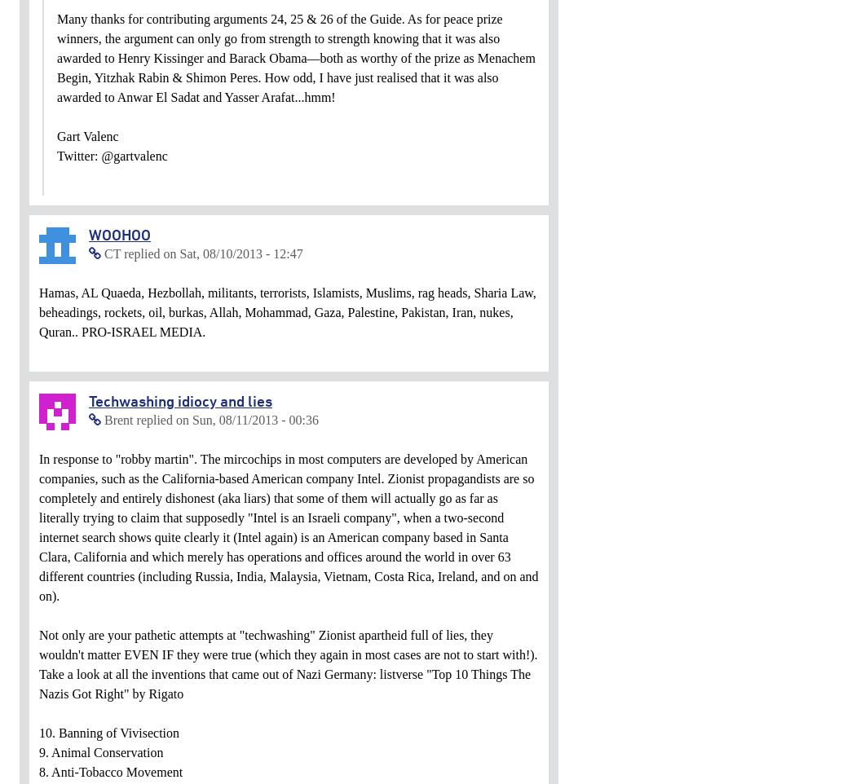 The image size is (856, 784). I want to click on 'Many thanks for contributing arguments 24, 25 & 26 of the Guide. As for peace prize winners, the argument can only go from strength to strength knowing that it was also awarded to Henry Kissinger and Barack Obama—both as worthy of the prize as Menachem Begin, Yitzhak Rabin & Shimon Peres. How odd, I have just realised that it was also awarded to Anwar El Sadat and Yasser Arafat...hmm!', so click(56, 58).